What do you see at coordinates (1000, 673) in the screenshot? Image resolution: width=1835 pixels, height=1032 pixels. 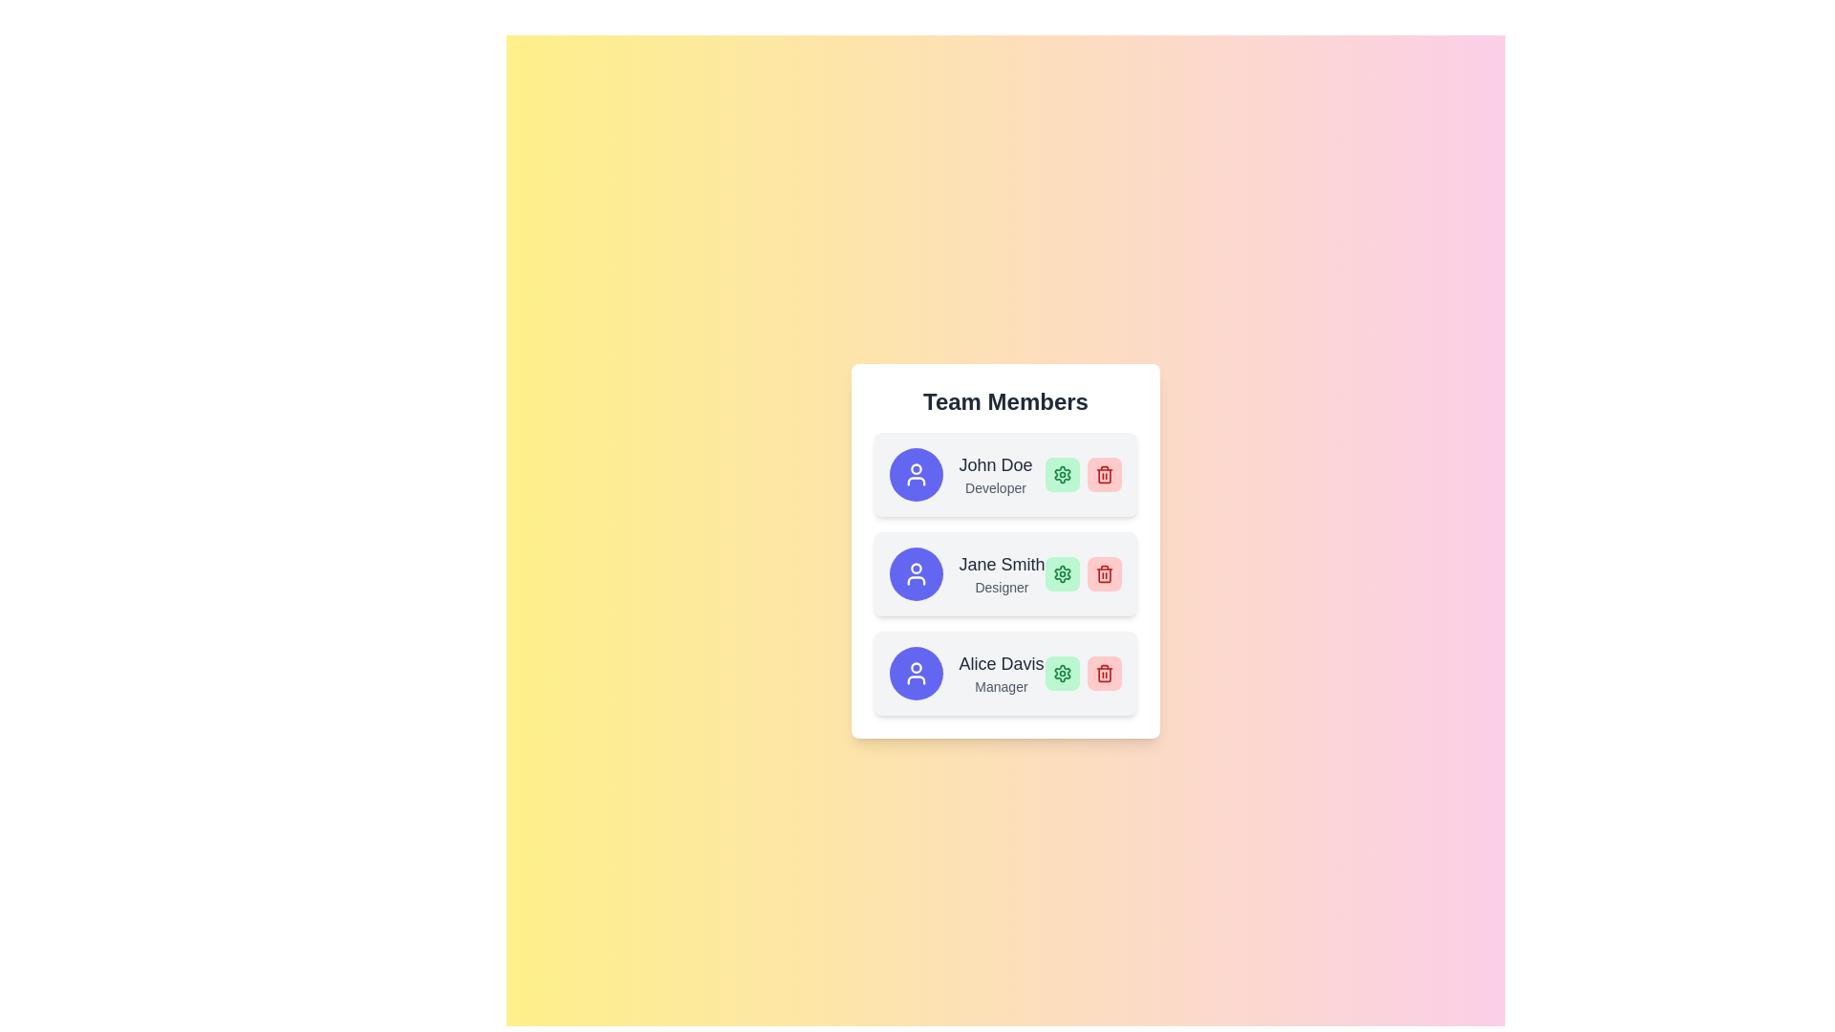 I see `the text group that identifies a team member, displaying their name and role, located within the last card at the bottom of the list, right-aligned to the avatar icon` at bounding box center [1000, 673].